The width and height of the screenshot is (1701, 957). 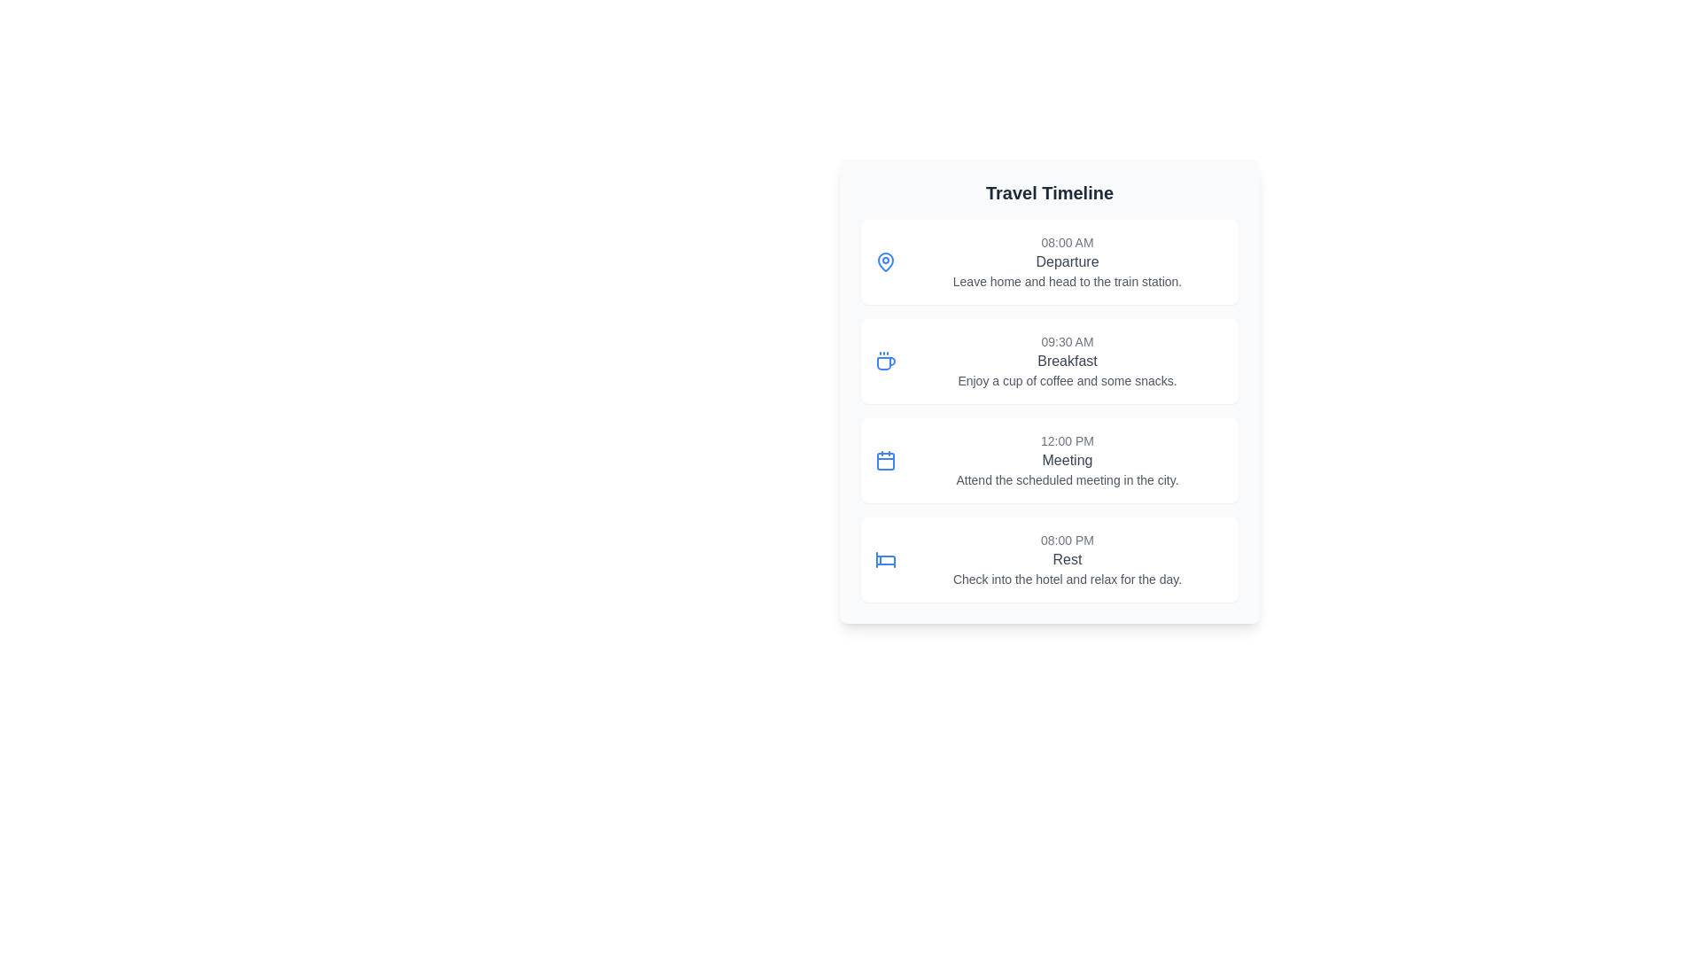 What do you see at coordinates (1050, 560) in the screenshot?
I see `the fourth List item card in the Travel Timeline` at bounding box center [1050, 560].